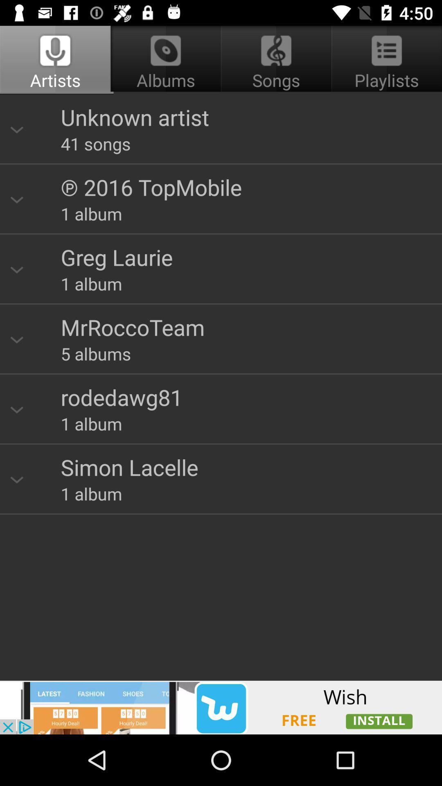 This screenshot has height=786, width=442. What do you see at coordinates (221, 707) in the screenshot?
I see `external advertisement` at bounding box center [221, 707].